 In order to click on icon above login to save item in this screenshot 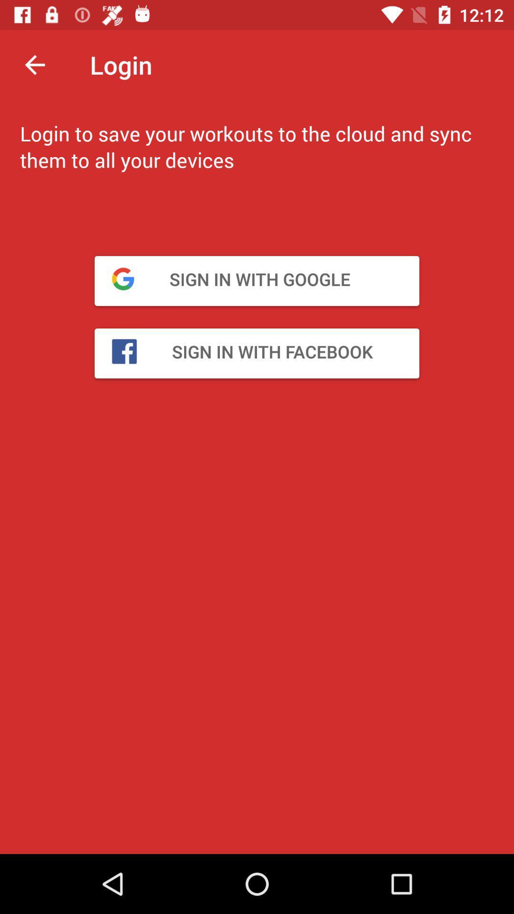, I will do `click(34, 64)`.